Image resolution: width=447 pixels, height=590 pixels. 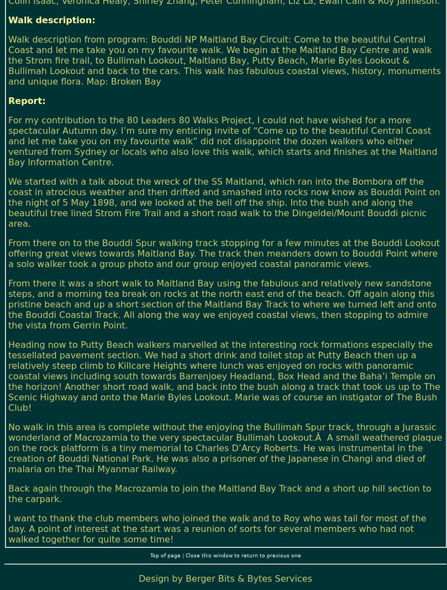 I want to click on 'For my contribution to the 80 Leaders 80 Walks Project, I could not 
        have   wished for a more spectacular Autumn day. I’m sure my enticing invite 
        of   “Come up to the beautiful Central Coast and let me take you on my 
        favourite   walk” did not disappoint the dozen walkers who either ventured 
        from Sydney   or locals who also love this walk, which starts and finishes at 
        the Maitland   Bay Information Centre.', so click(x=8, y=140).